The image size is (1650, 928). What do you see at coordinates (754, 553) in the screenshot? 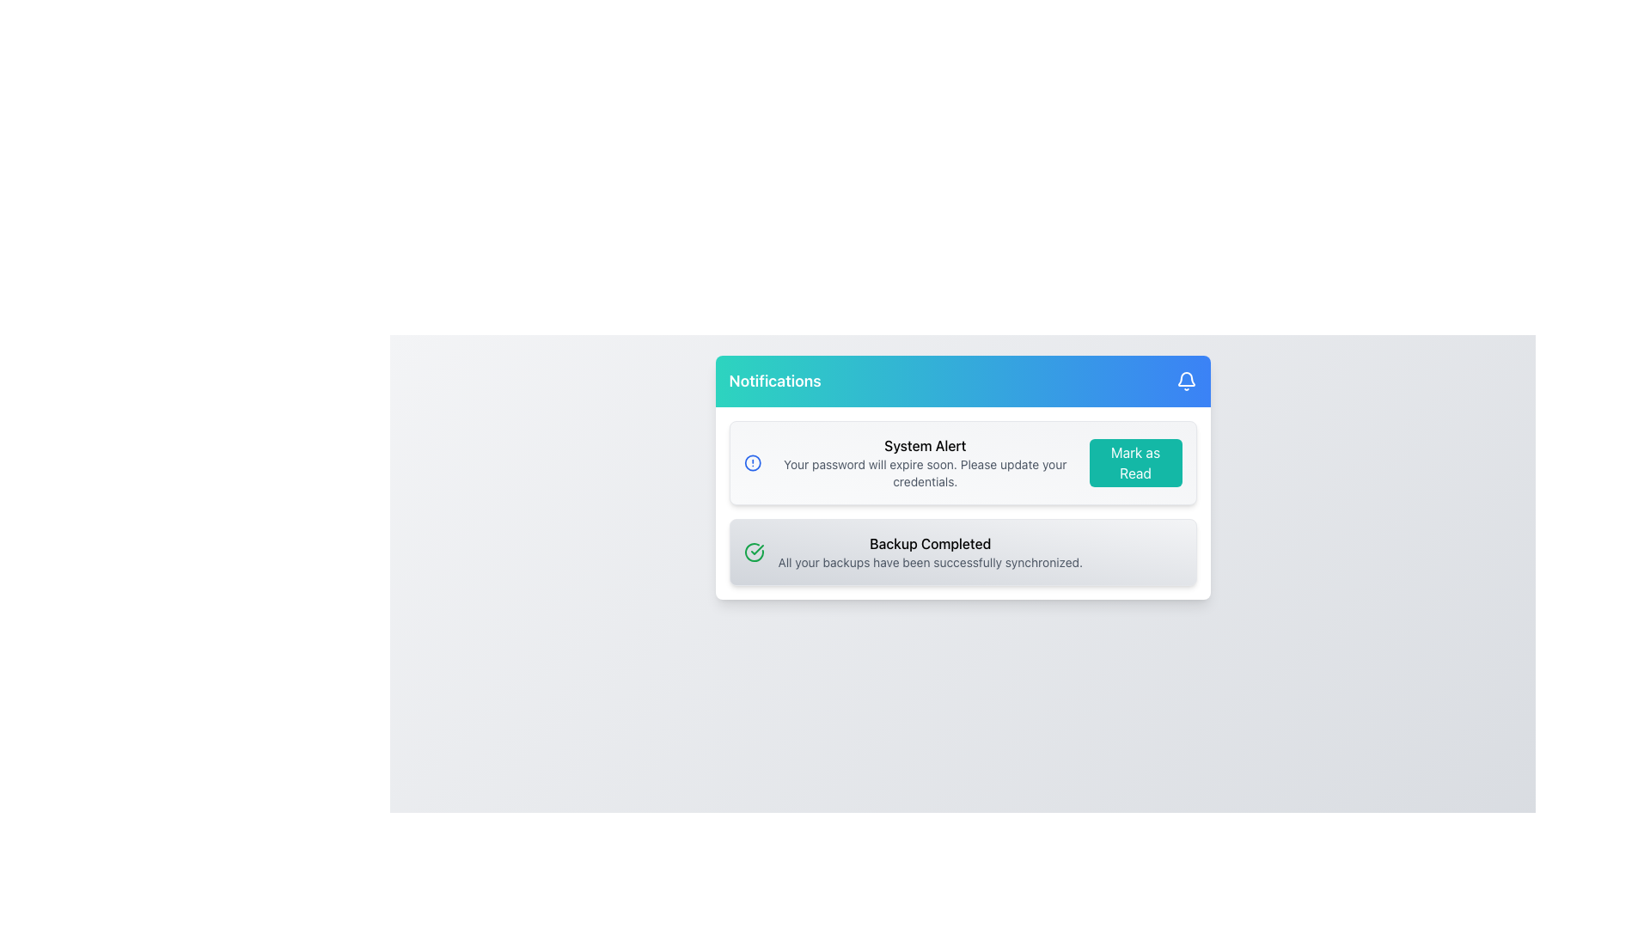
I see `the circular icon with a checkmark inside a green outlined circle, which is located to the left of the text 'Backup Completed' in the second notification card of the 'Notifications' panel` at bounding box center [754, 553].